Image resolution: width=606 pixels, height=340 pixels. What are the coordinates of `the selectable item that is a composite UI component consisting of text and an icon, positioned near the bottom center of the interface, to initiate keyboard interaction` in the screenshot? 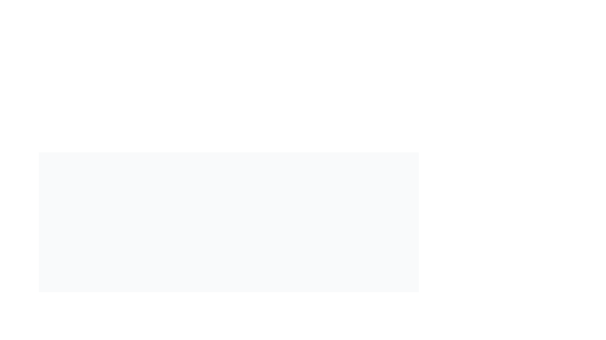 It's located at (204, 322).